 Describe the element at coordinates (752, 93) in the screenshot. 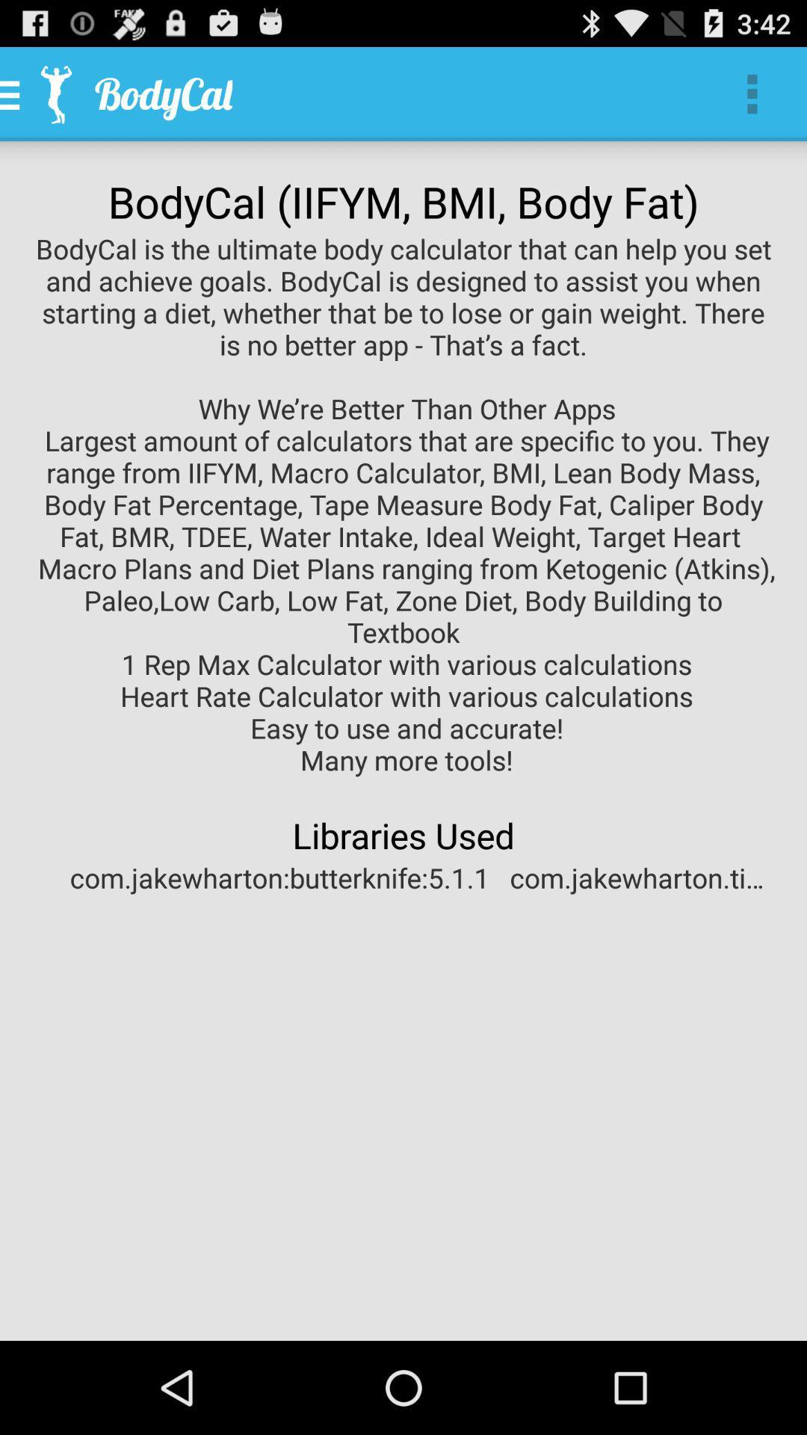

I see `app above bodycal iifym bmi` at that location.